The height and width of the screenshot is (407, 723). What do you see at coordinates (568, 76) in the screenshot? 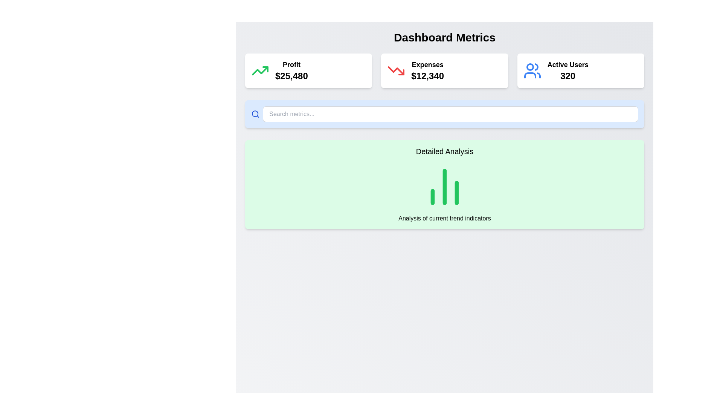
I see `displayed value from the bold text label representing the active user count, located at the lower part of the 'Active Users' card in the top-right section of the interface` at bounding box center [568, 76].